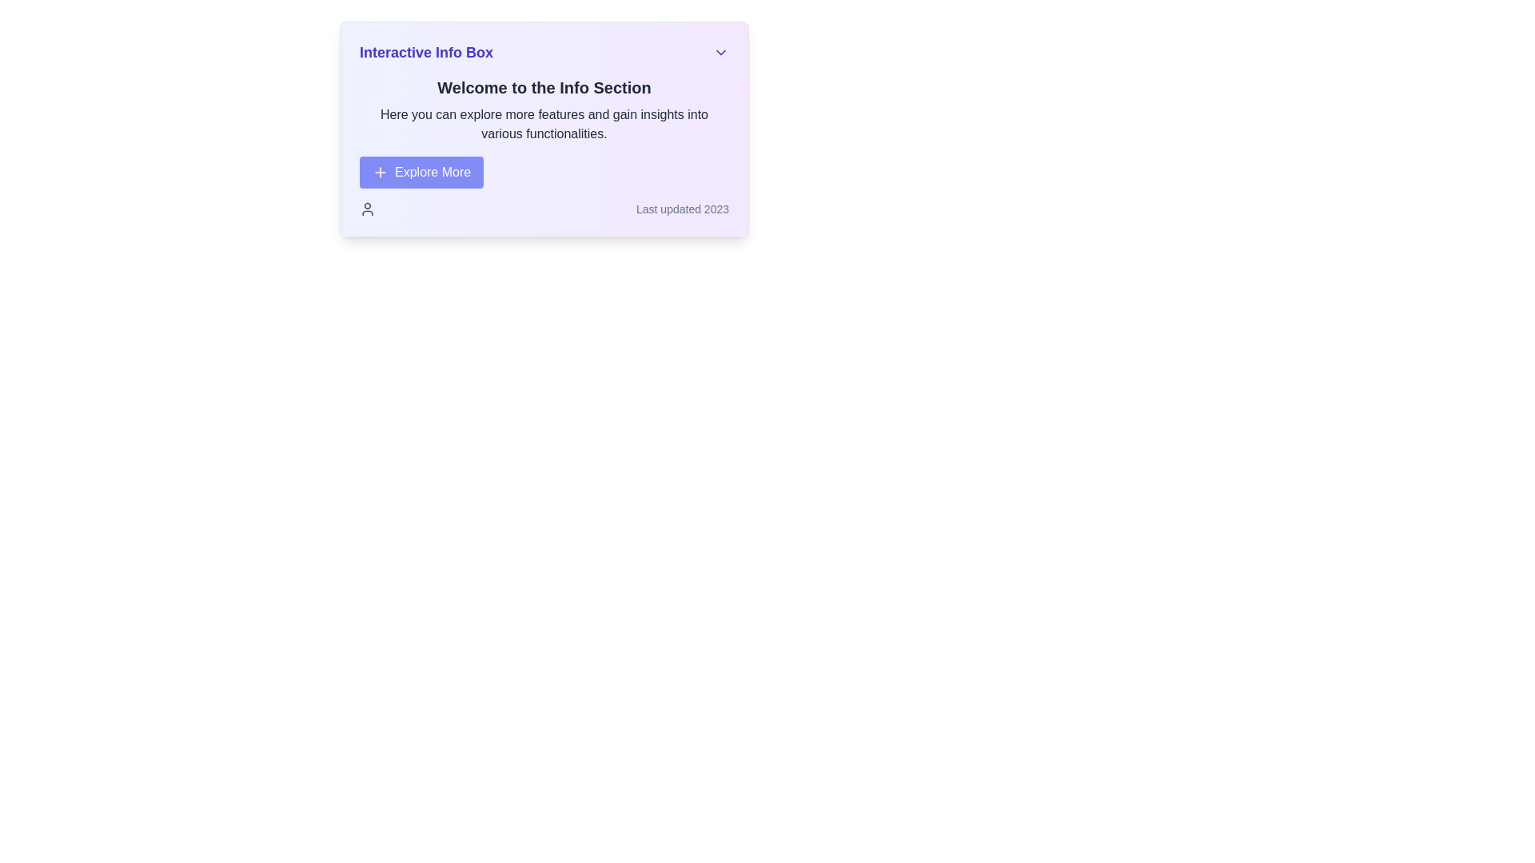 Image resolution: width=1535 pixels, height=863 pixels. What do you see at coordinates (379, 173) in the screenshot?
I see `the Icon located on the left side of the 'Explore More' button, which indicates an action to add or explore more content` at bounding box center [379, 173].